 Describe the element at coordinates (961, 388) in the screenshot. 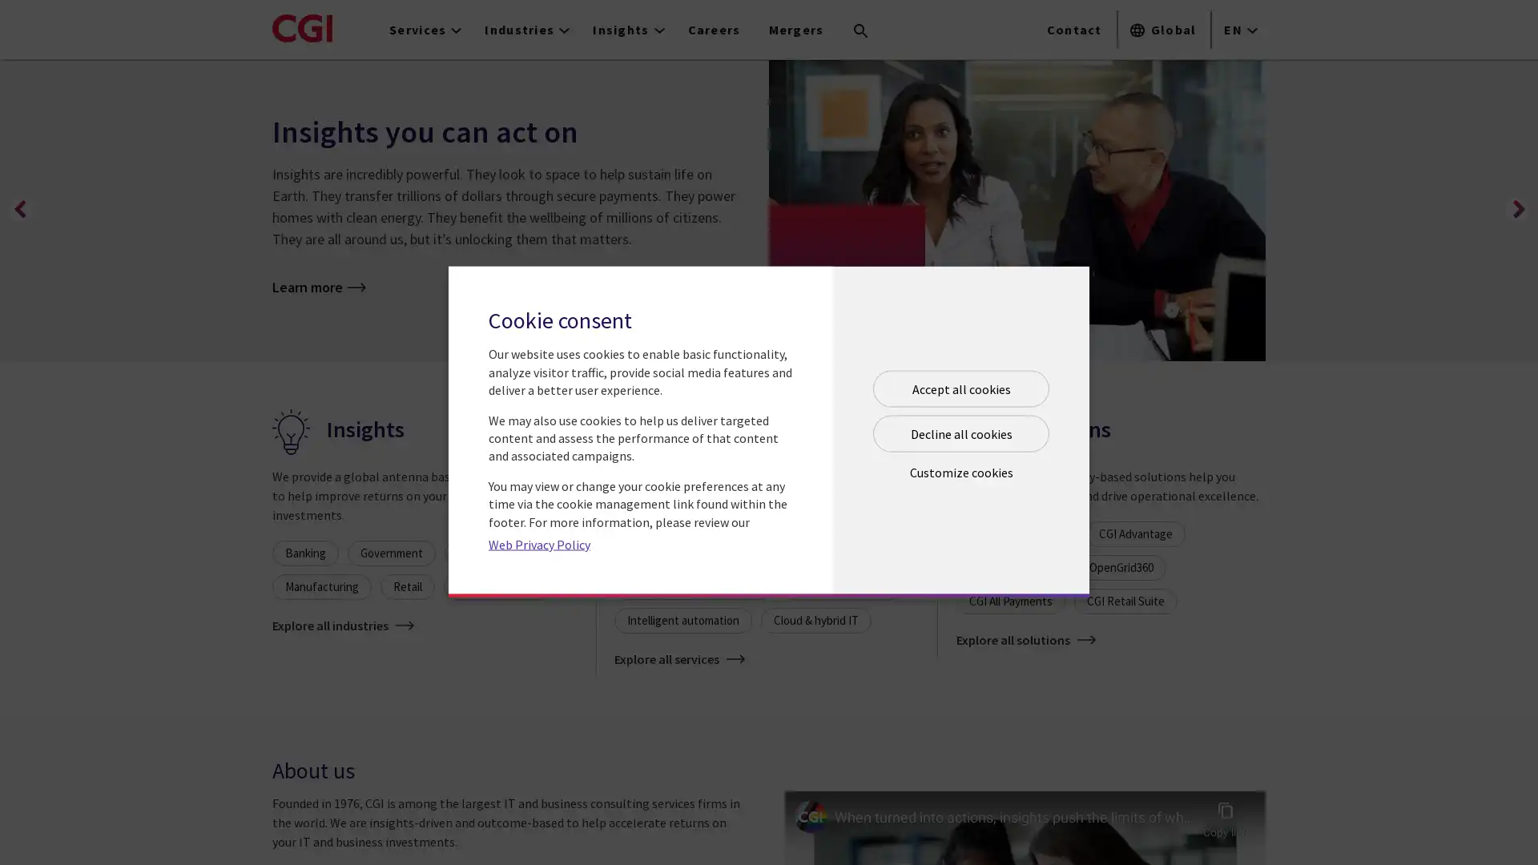

I see `Accept all cookies` at that location.